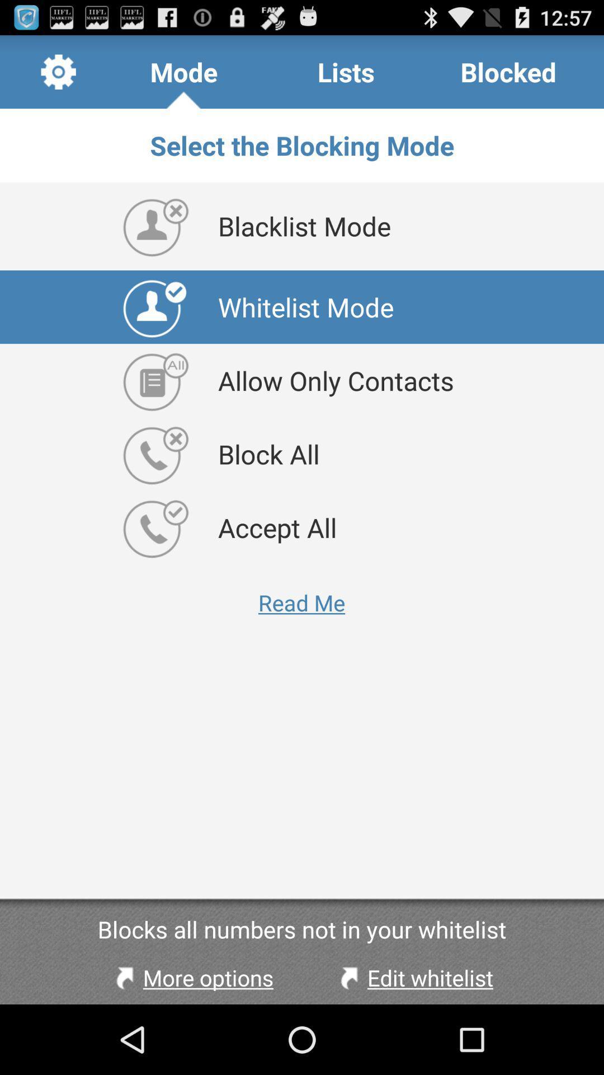 The width and height of the screenshot is (604, 1075). What do you see at coordinates (346, 71) in the screenshot?
I see `the icon to the left of the blocked` at bounding box center [346, 71].